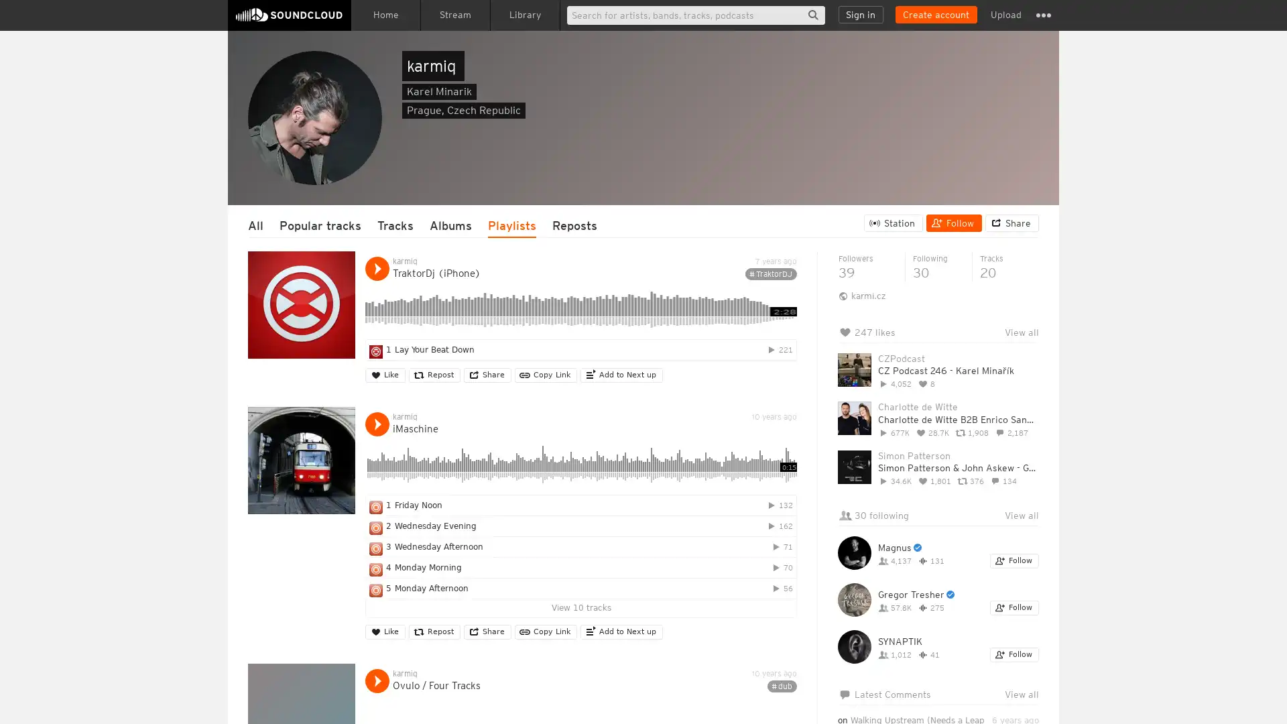  I want to click on Play, so click(376, 269).